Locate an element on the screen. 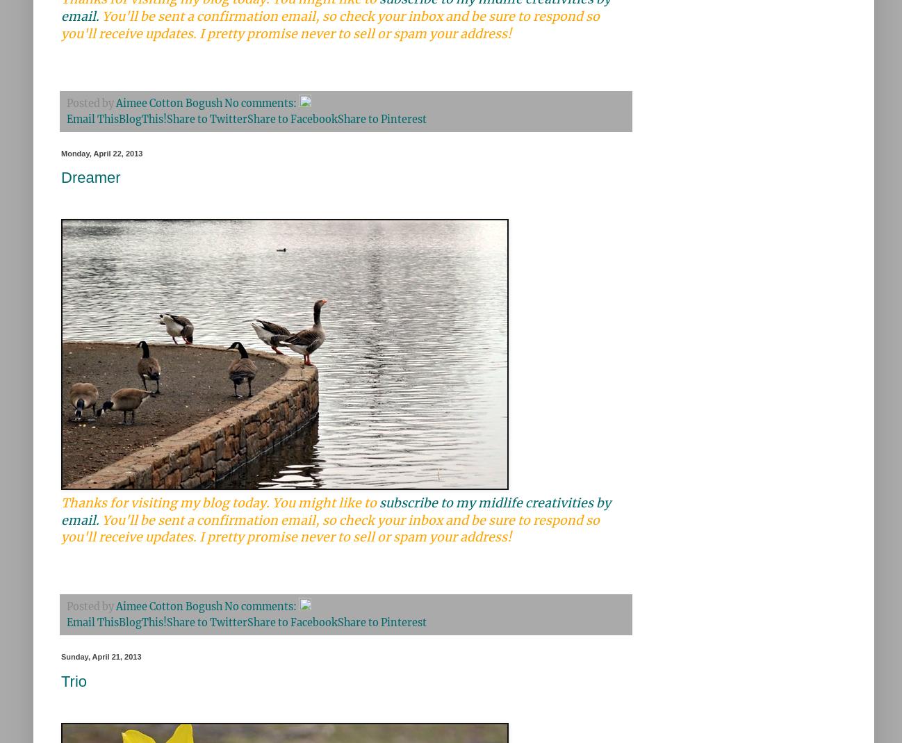  'Thanks for visiting my blog today.  You might like to' is located at coordinates (219, 503).